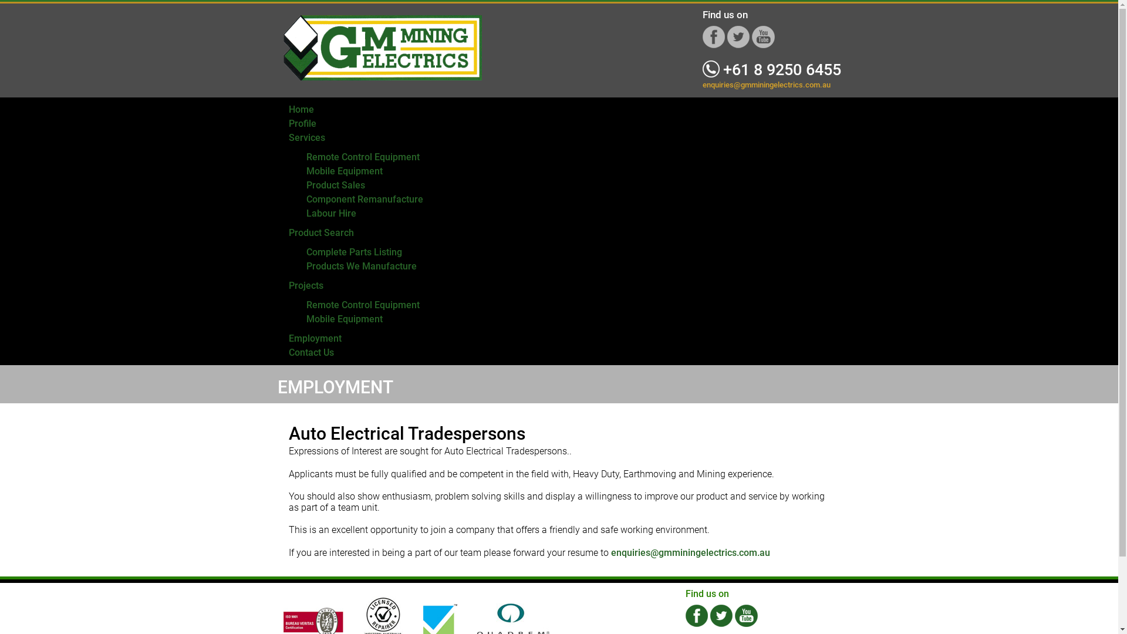 The width and height of the screenshot is (1127, 634). I want to click on 'Component Remanufacture', so click(364, 198).